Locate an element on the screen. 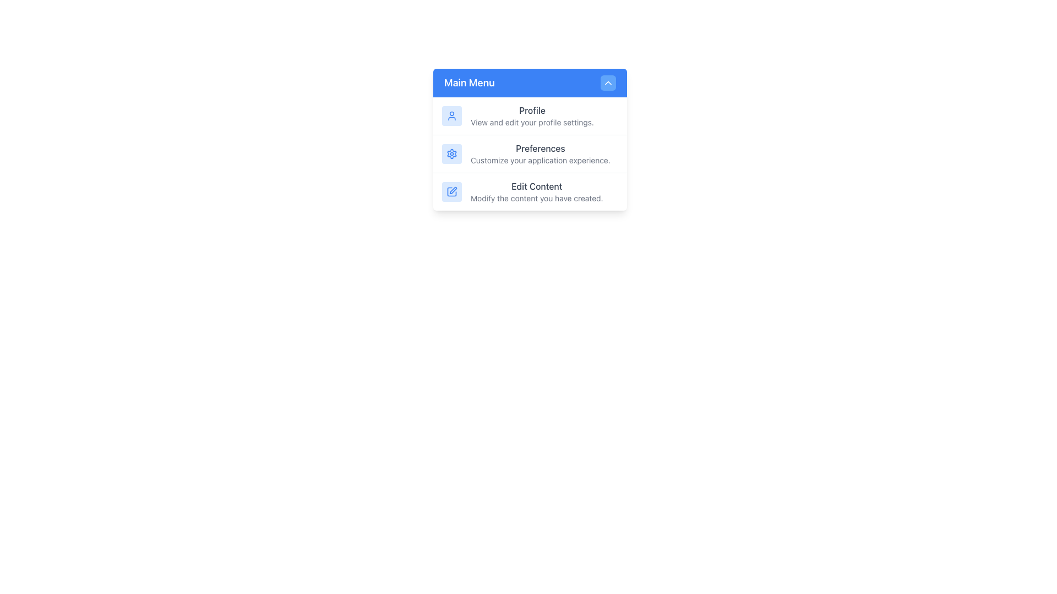  the 'Edit Content' static text element, which is styled with a medium-weight gray font and is located as the primary heading of the third menu option in the Main Menu is located at coordinates (537, 186).